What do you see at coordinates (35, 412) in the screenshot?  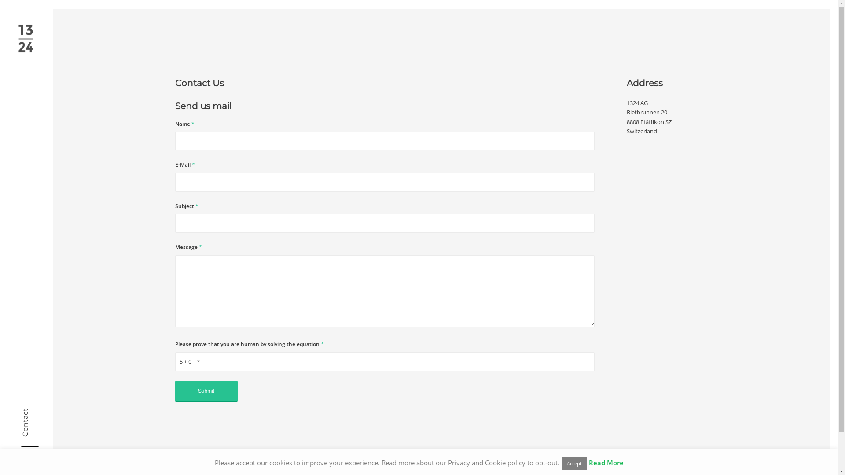 I see `'Contact'` at bounding box center [35, 412].